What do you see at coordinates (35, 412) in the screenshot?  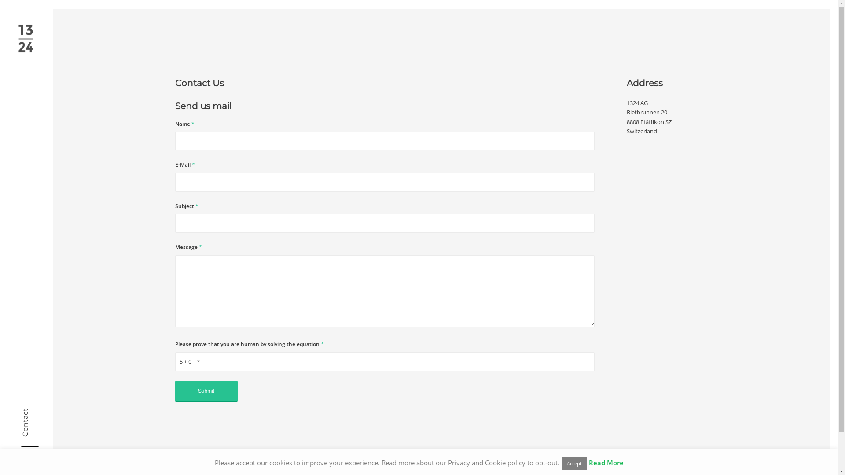 I see `'Contact'` at bounding box center [35, 412].